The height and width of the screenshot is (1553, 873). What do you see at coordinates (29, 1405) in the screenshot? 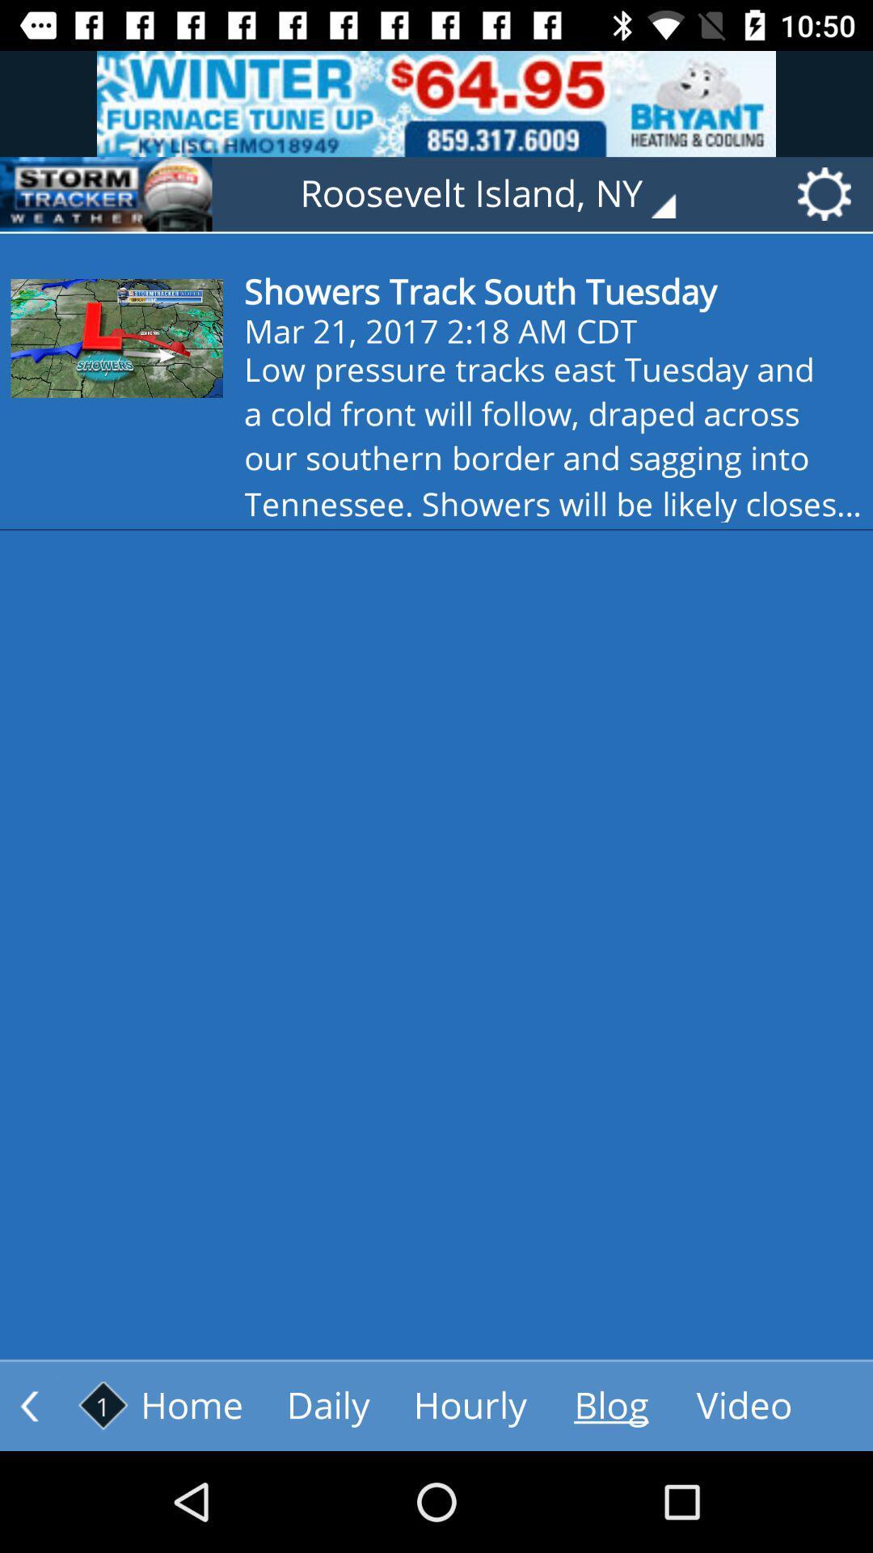
I see `the arrow_backward icon` at bounding box center [29, 1405].